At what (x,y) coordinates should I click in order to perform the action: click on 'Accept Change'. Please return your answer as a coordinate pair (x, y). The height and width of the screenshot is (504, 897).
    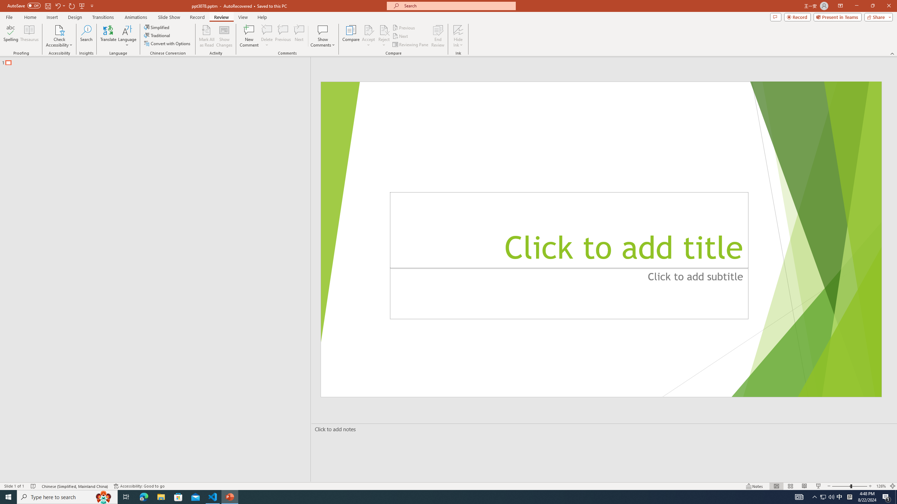
    Looking at the image, I should click on (368, 29).